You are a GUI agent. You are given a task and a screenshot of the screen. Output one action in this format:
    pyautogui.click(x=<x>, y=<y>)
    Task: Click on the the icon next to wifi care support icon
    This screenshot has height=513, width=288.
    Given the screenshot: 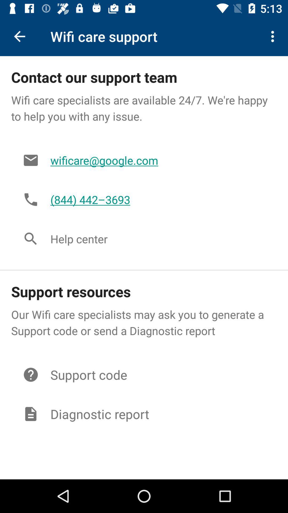 What is the action you would take?
    pyautogui.click(x=19, y=36)
    